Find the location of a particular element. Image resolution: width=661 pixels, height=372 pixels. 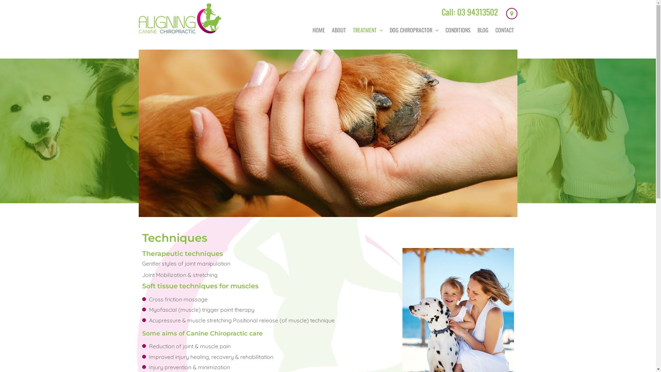

'BLOG' is located at coordinates (482, 30).